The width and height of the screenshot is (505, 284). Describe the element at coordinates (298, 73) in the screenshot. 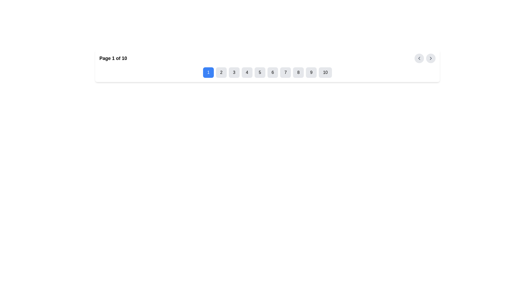

I see `the rectangular button with rounded corners labeled '8'` at that location.